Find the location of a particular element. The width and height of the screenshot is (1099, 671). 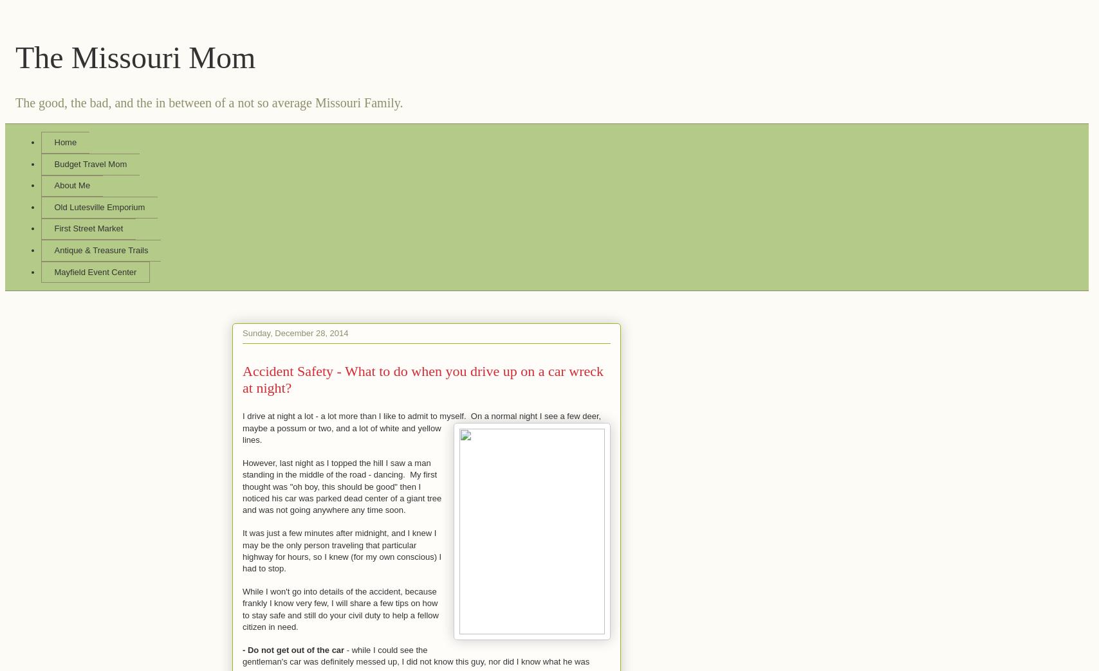

'About Me' is located at coordinates (72, 184).